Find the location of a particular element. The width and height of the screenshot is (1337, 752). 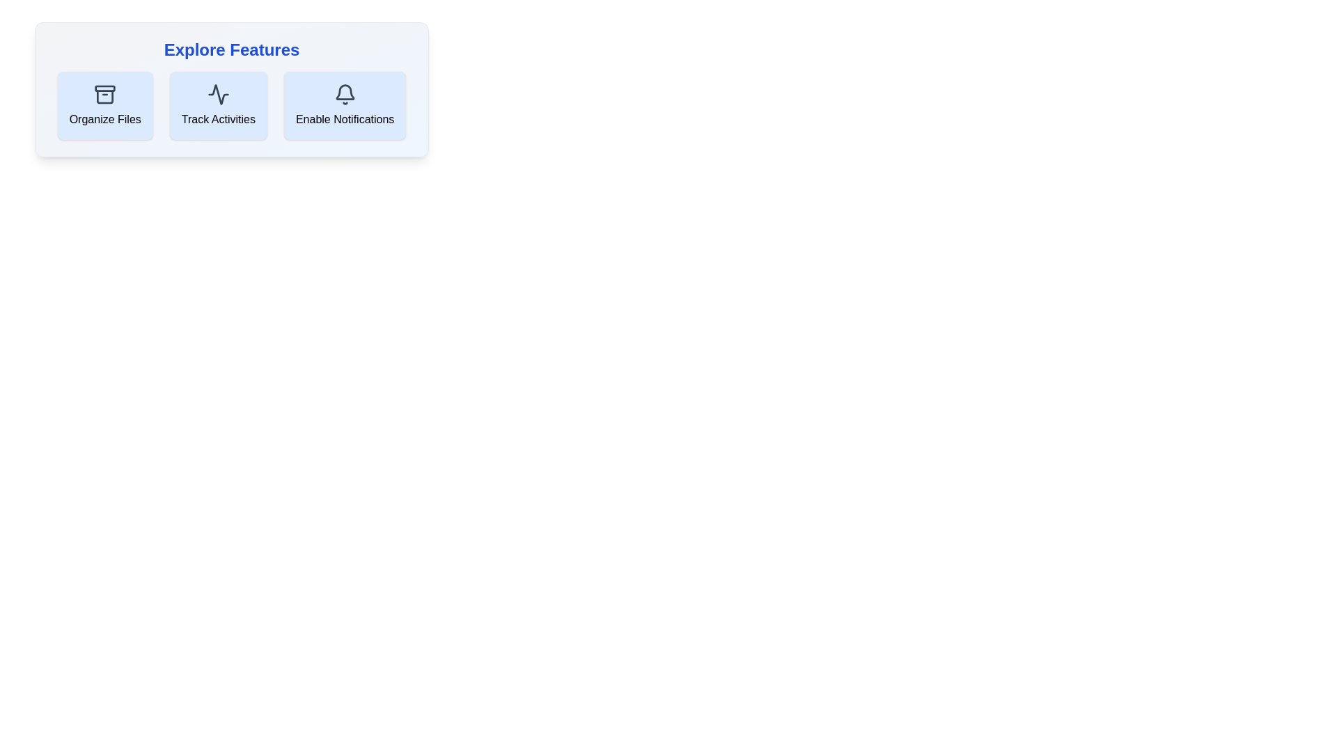

the 'Track Activities' label, which is positioned in the middle row of three card-like containers and is located below an activity icon graphic is located at coordinates (217, 119).